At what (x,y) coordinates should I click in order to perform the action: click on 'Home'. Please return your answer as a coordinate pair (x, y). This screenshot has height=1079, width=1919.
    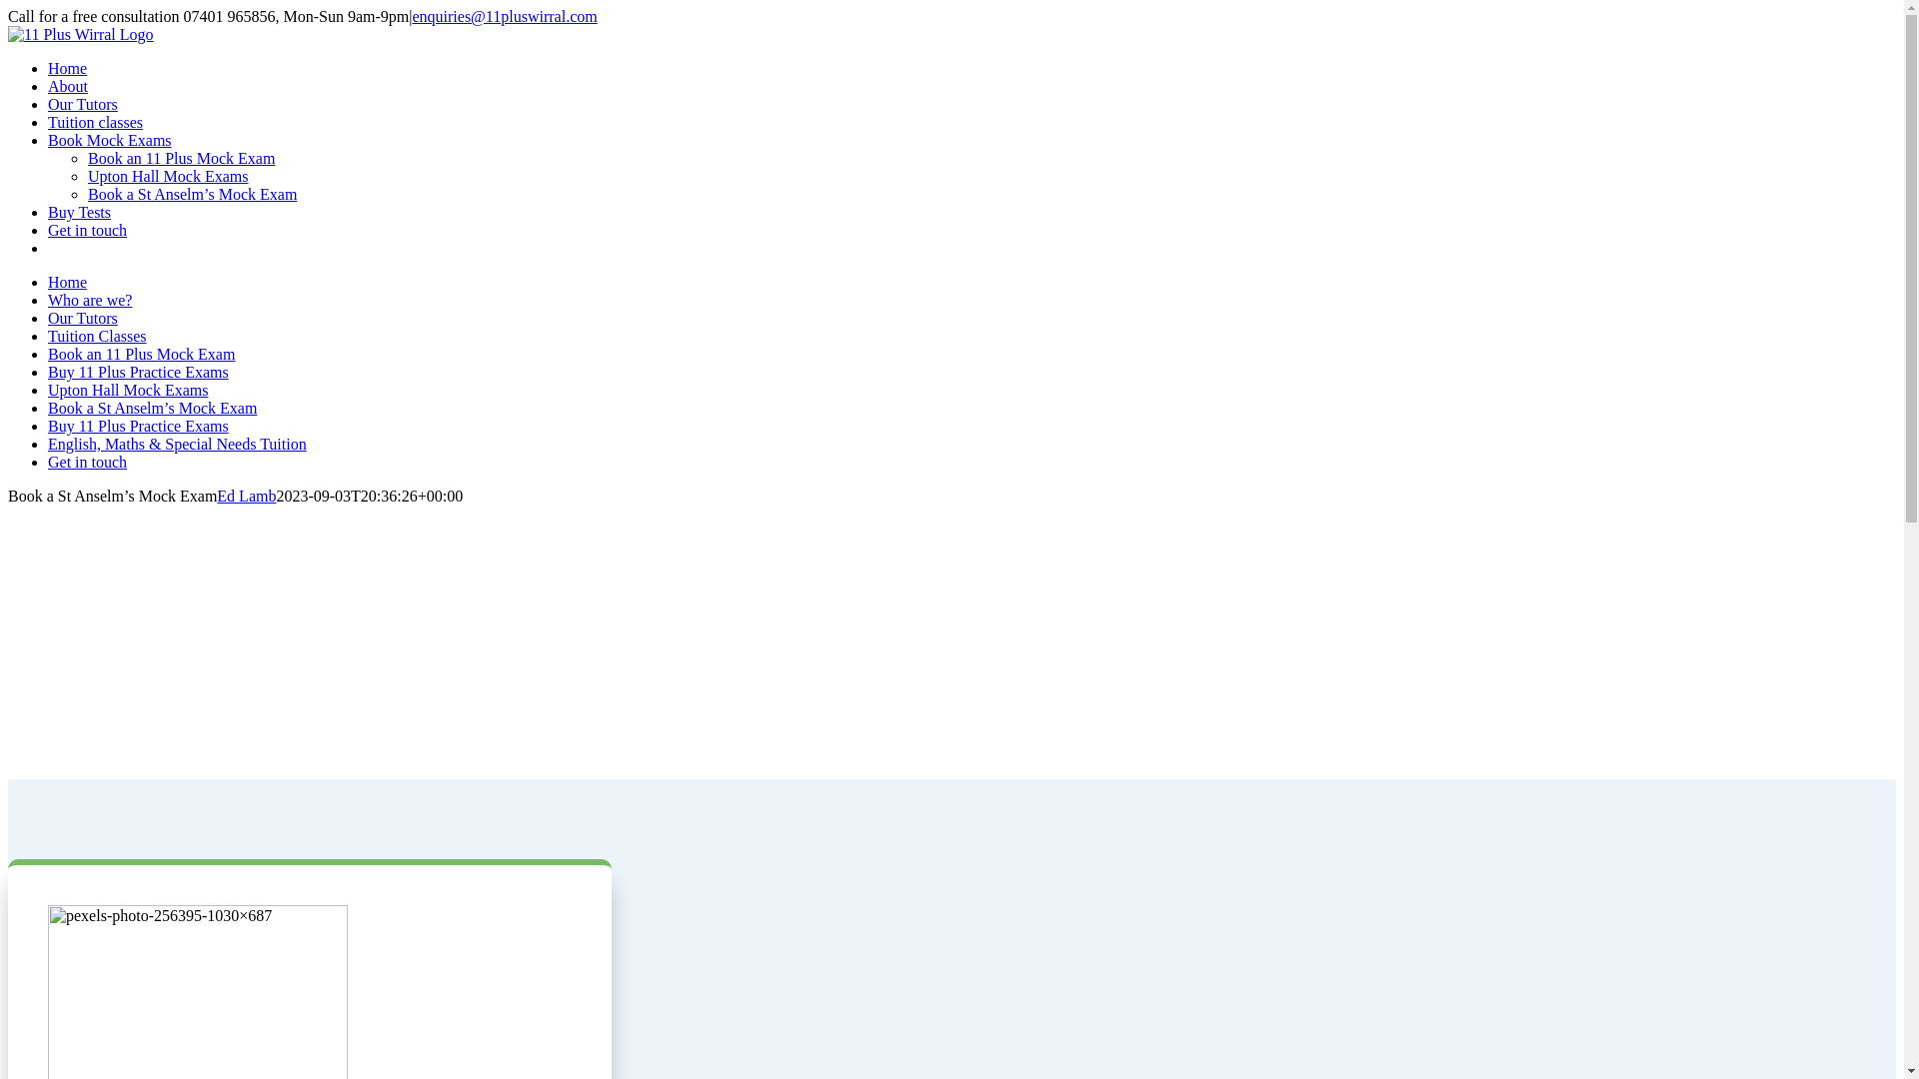
    Looking at the image, I should click on (67, 67).